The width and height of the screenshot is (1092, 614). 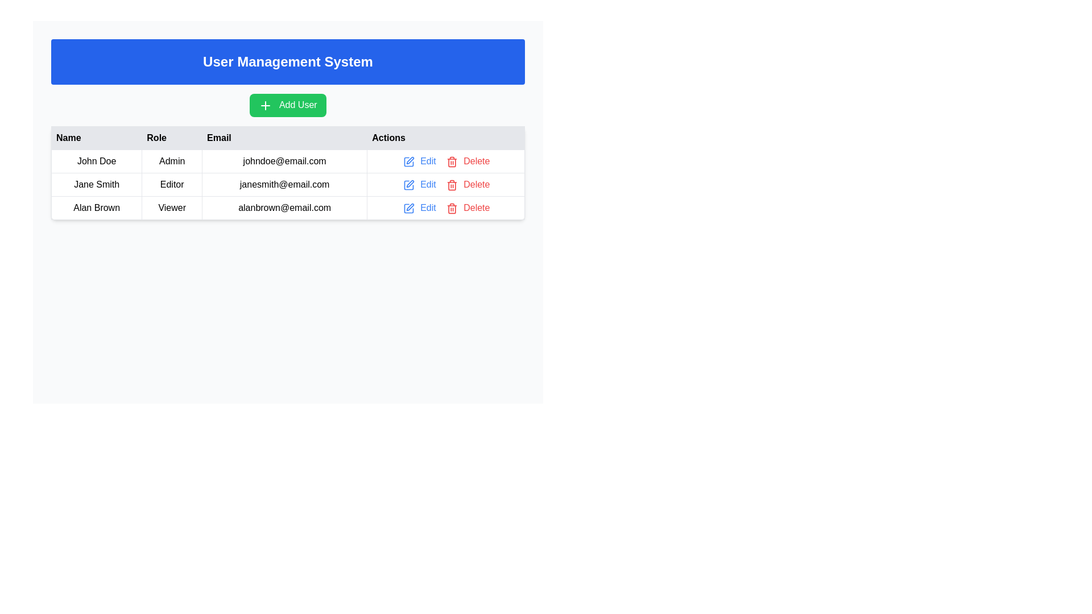 I want to click on the delete button with icon and text in the Actions column of the table row for the user with the email 'janesmith@email.com', so click(x=467, y=184).